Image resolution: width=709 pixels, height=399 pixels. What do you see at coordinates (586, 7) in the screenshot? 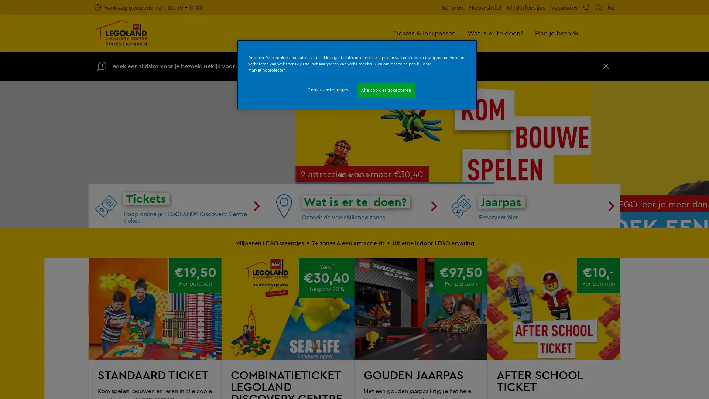
I see `Winkelwagen` at bounding box center [586, 7].